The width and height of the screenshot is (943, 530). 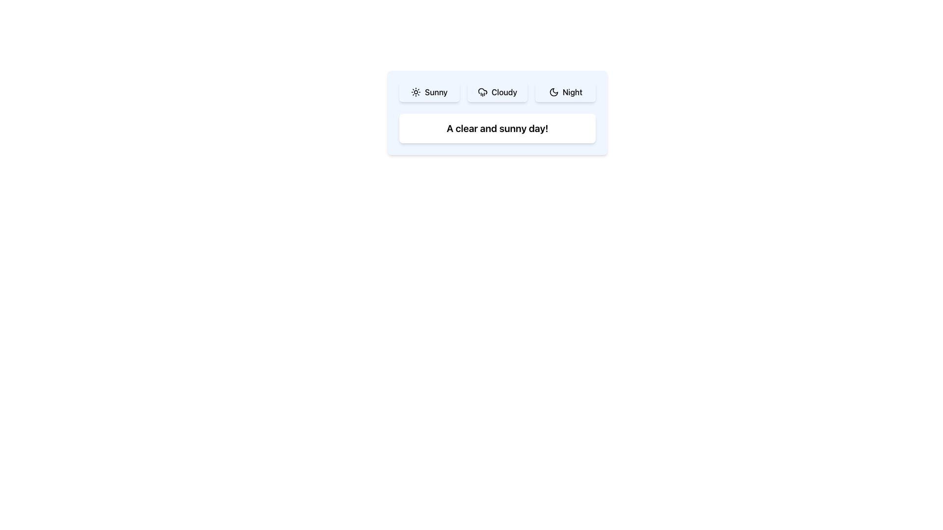 What do you see at coordinates (572, 92) in the screenshot?
I see `the 'Night' text label element, which displays the text 'Night' in a bold font, accompanied by a crescent moon icon, located within the rightmost button of a horizontal set of three buttons` at bounding box center [572, 92].